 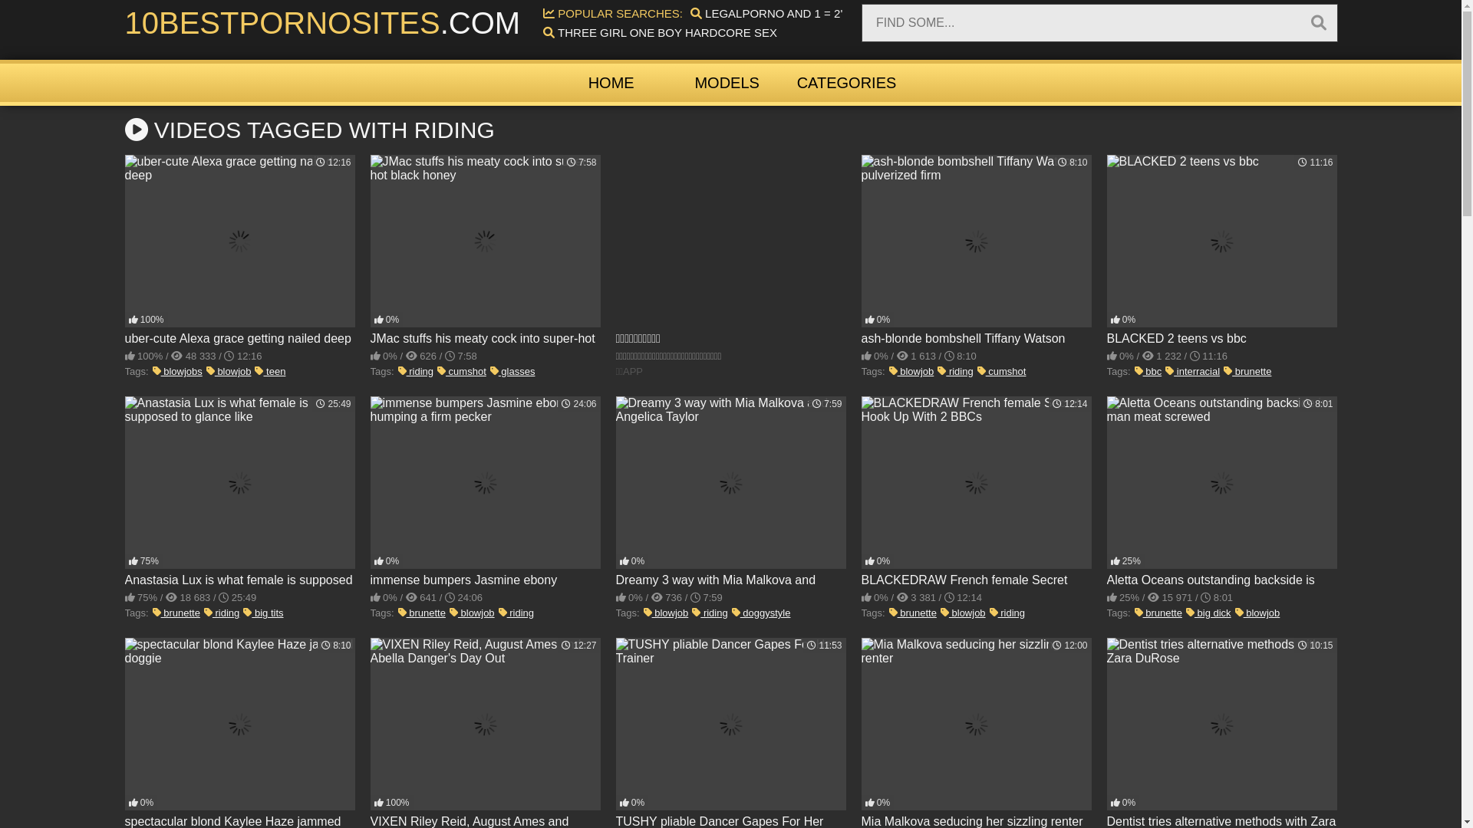 What do you see at coordinates (610, 83) in the screenshot?
I see `'HOME'` at bounding box center [610, 83].